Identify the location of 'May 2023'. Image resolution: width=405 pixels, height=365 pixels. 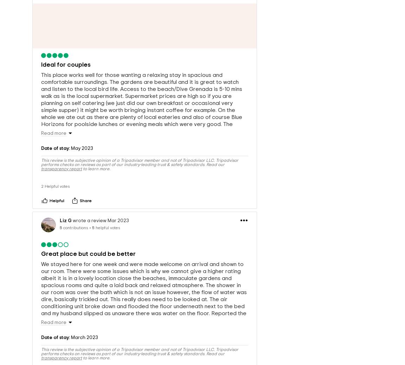
(82, 150).